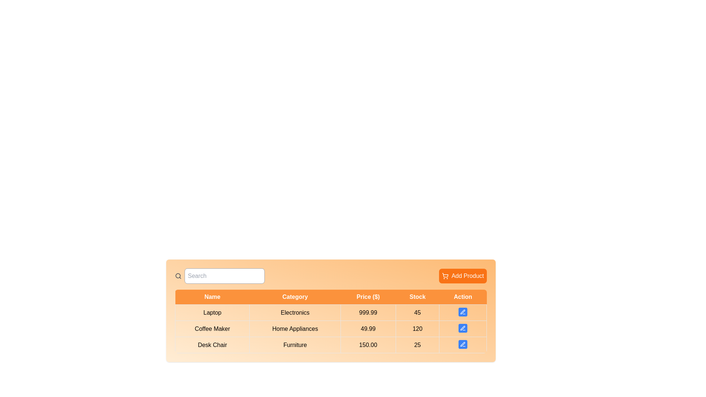  Describe the element at coordinates (417, 345) in the screenshot. I see `the stock quantity text for the 'Desk Chair' item, located in the fourth column of the data table, between the 'Price ($)' column and the 'Action' column` at that location.